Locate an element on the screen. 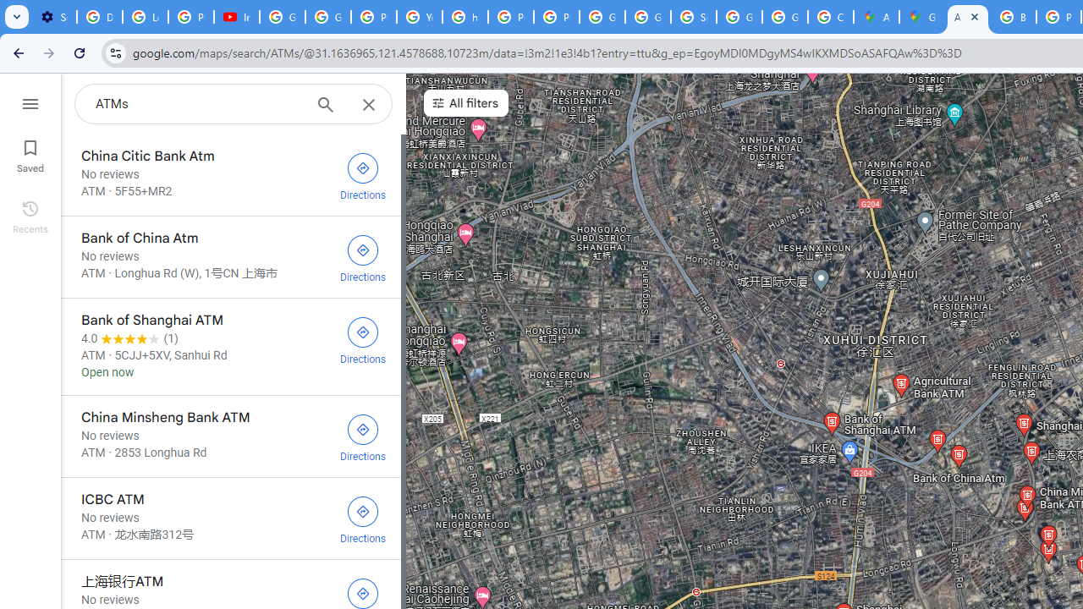  'Bank of China Atm' is located at coordinates (229, 257).